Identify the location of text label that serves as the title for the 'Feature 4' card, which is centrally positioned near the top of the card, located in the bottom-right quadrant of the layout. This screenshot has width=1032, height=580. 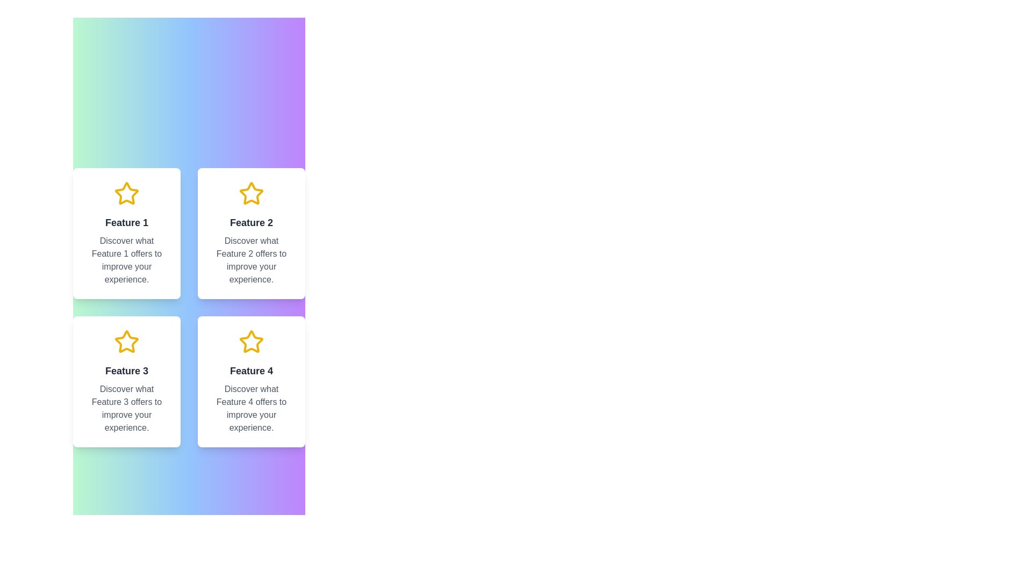
(250, 370).